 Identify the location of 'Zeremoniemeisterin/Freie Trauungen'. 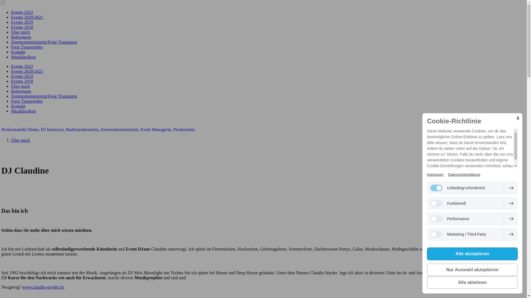
(44, 42).